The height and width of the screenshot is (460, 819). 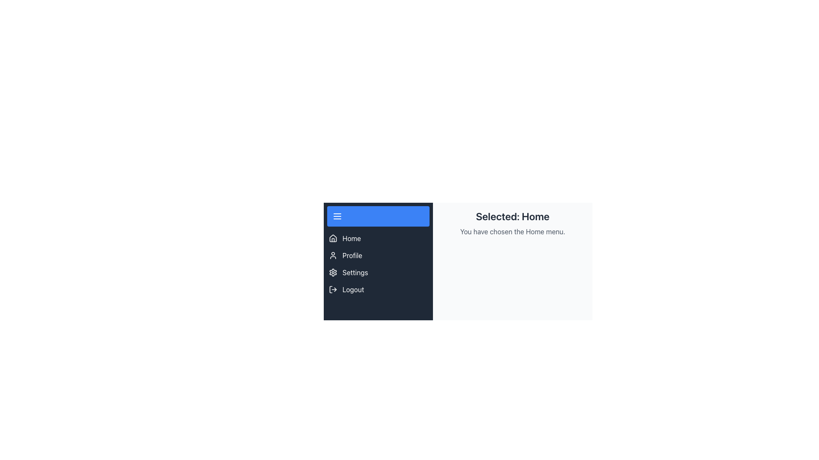 I want to click on the 'Settings' navigational menu item in the sidebar, so click(x=378, y=273).